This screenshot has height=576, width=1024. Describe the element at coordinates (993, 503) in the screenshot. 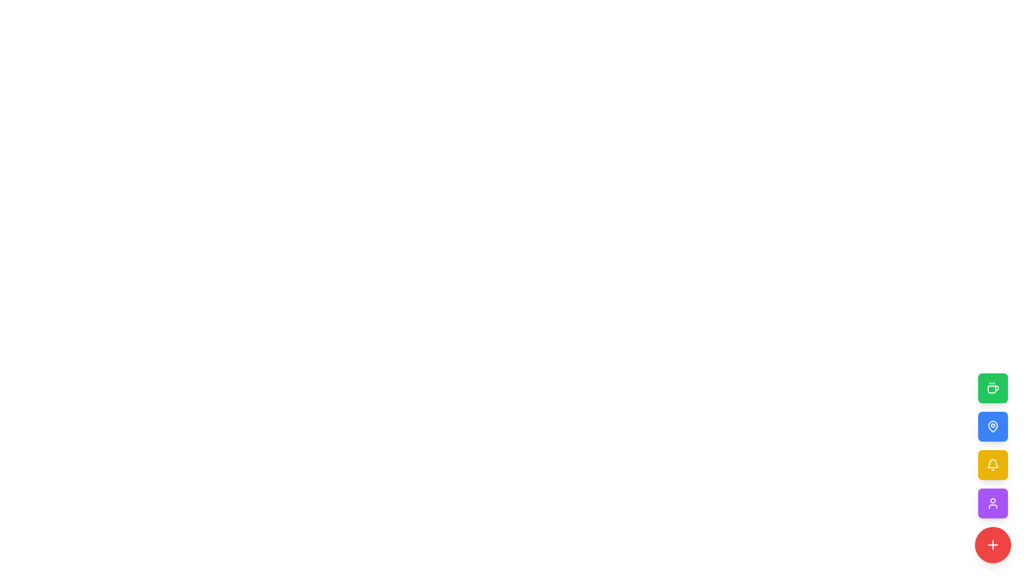

I see `the 'My Profile' button, which is the last button in a vertical stack of similarly styled buttons` at that location.